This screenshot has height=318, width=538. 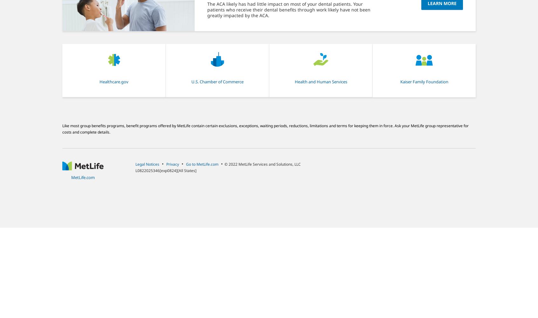 I want to click on 'Legal Notices', so click(x=147, y=164).